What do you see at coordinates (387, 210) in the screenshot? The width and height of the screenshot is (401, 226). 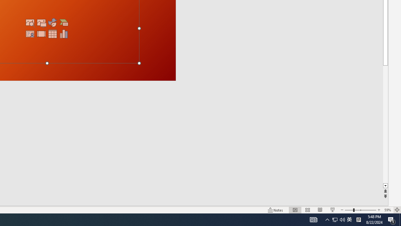 I see `'Zoom 59%'` at bounding box center [387, 210].